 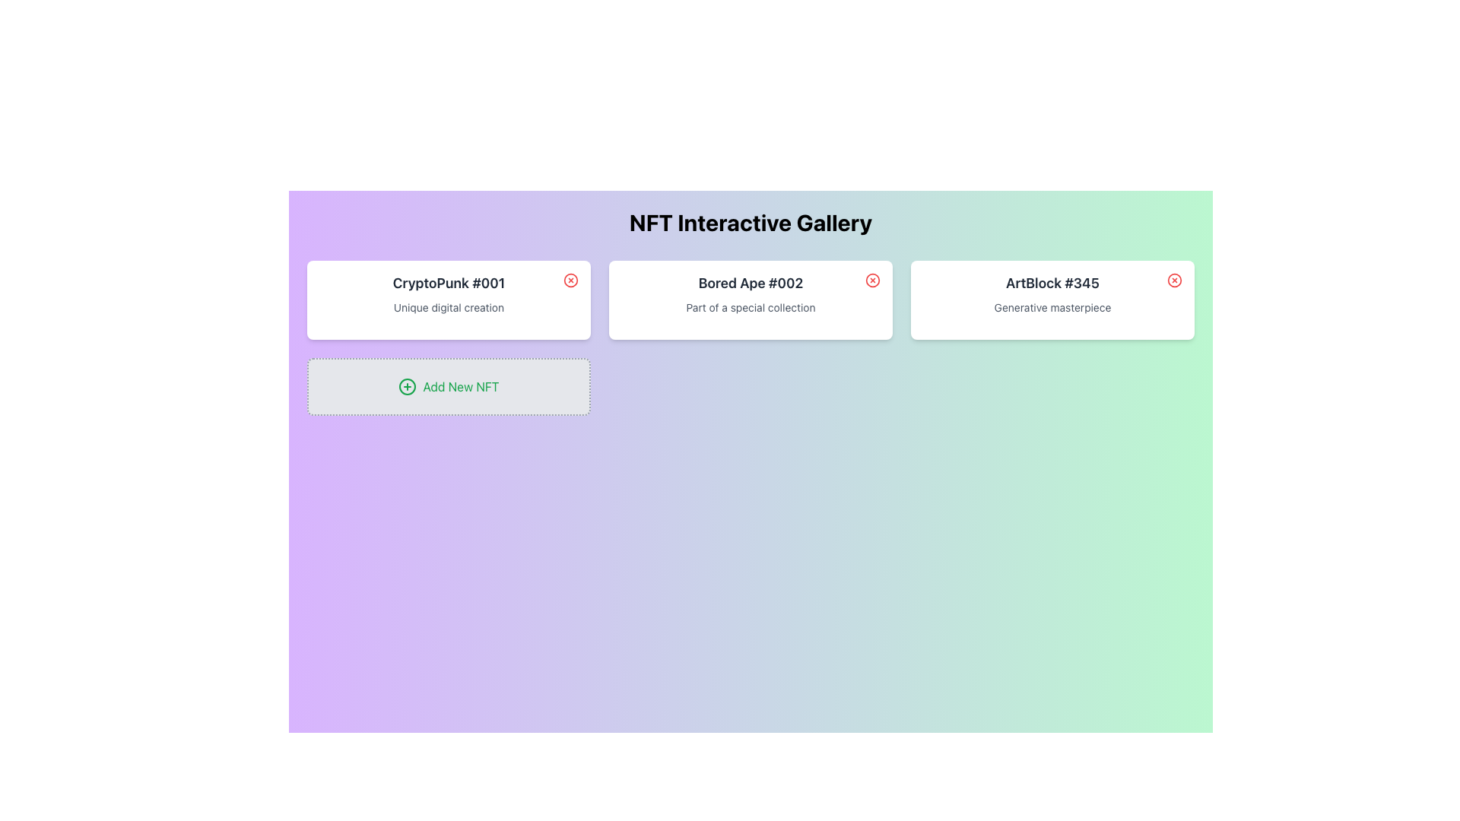 What do you see at coordinates (751, 284) in the screenshot?
I see `text from the label displaying 'Bored Ape #002', which is styled with a bold font and centered alignment, located in the second card of the row of items` at bounding box center [751, 284].